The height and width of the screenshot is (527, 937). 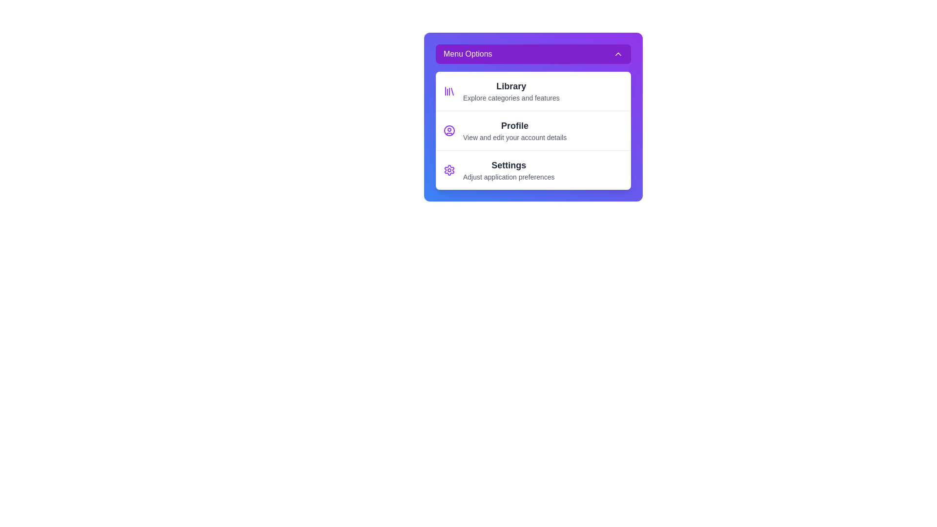 I want to click on the rightmost vertical line of the purple circular icon representing 'Library' in the menu panel, so click(x=451, y=92).